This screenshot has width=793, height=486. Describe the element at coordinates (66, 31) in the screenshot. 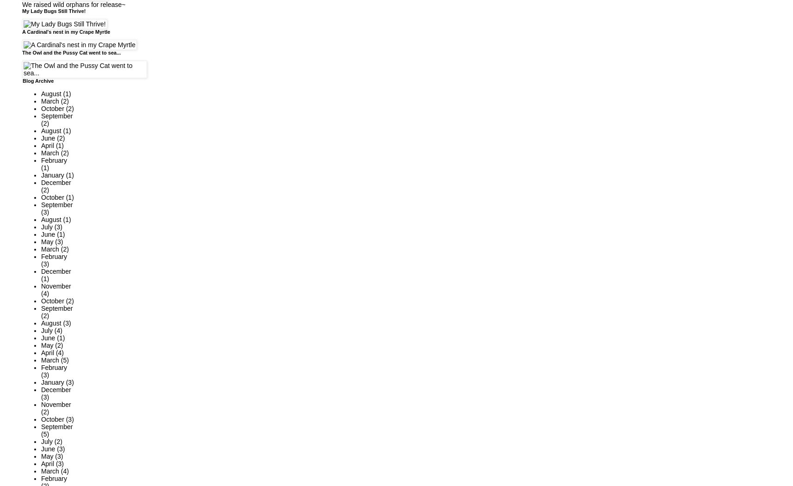

I see `'A Cardinal's nest in my Crape Myrtle'` at that location.